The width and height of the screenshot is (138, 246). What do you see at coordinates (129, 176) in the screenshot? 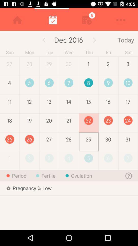
I see `the help icon` at bounding box center [129, 176].